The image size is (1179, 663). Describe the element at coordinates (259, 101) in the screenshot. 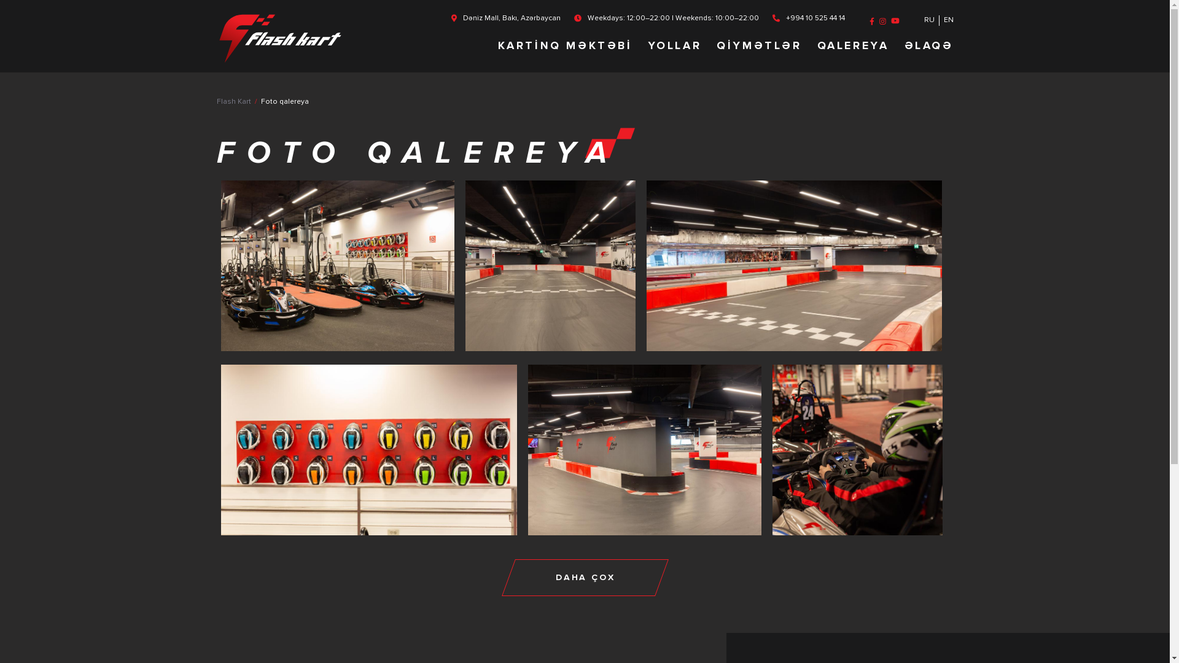

I see `'Foto qalereya'` at that location.